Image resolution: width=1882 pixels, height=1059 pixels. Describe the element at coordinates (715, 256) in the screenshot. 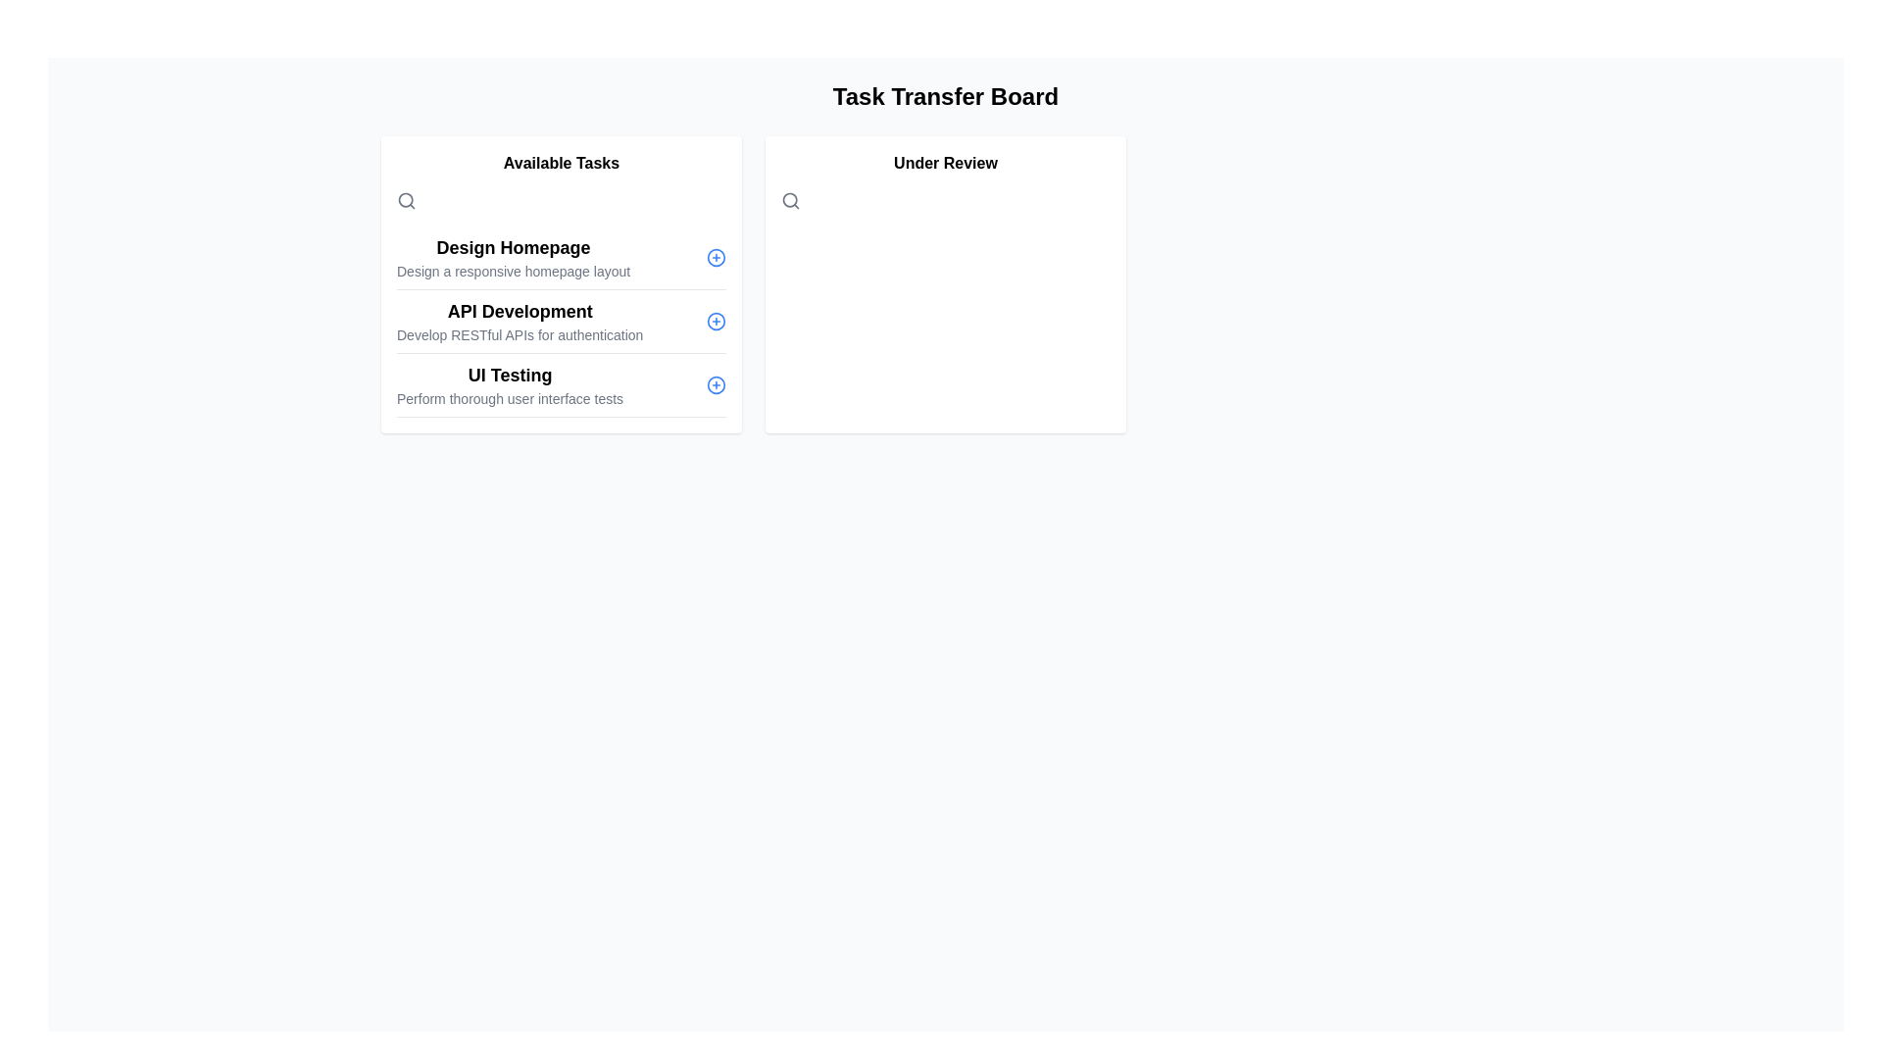

I see `the Icon button located in the 'Available Tasks' column next` at that location.